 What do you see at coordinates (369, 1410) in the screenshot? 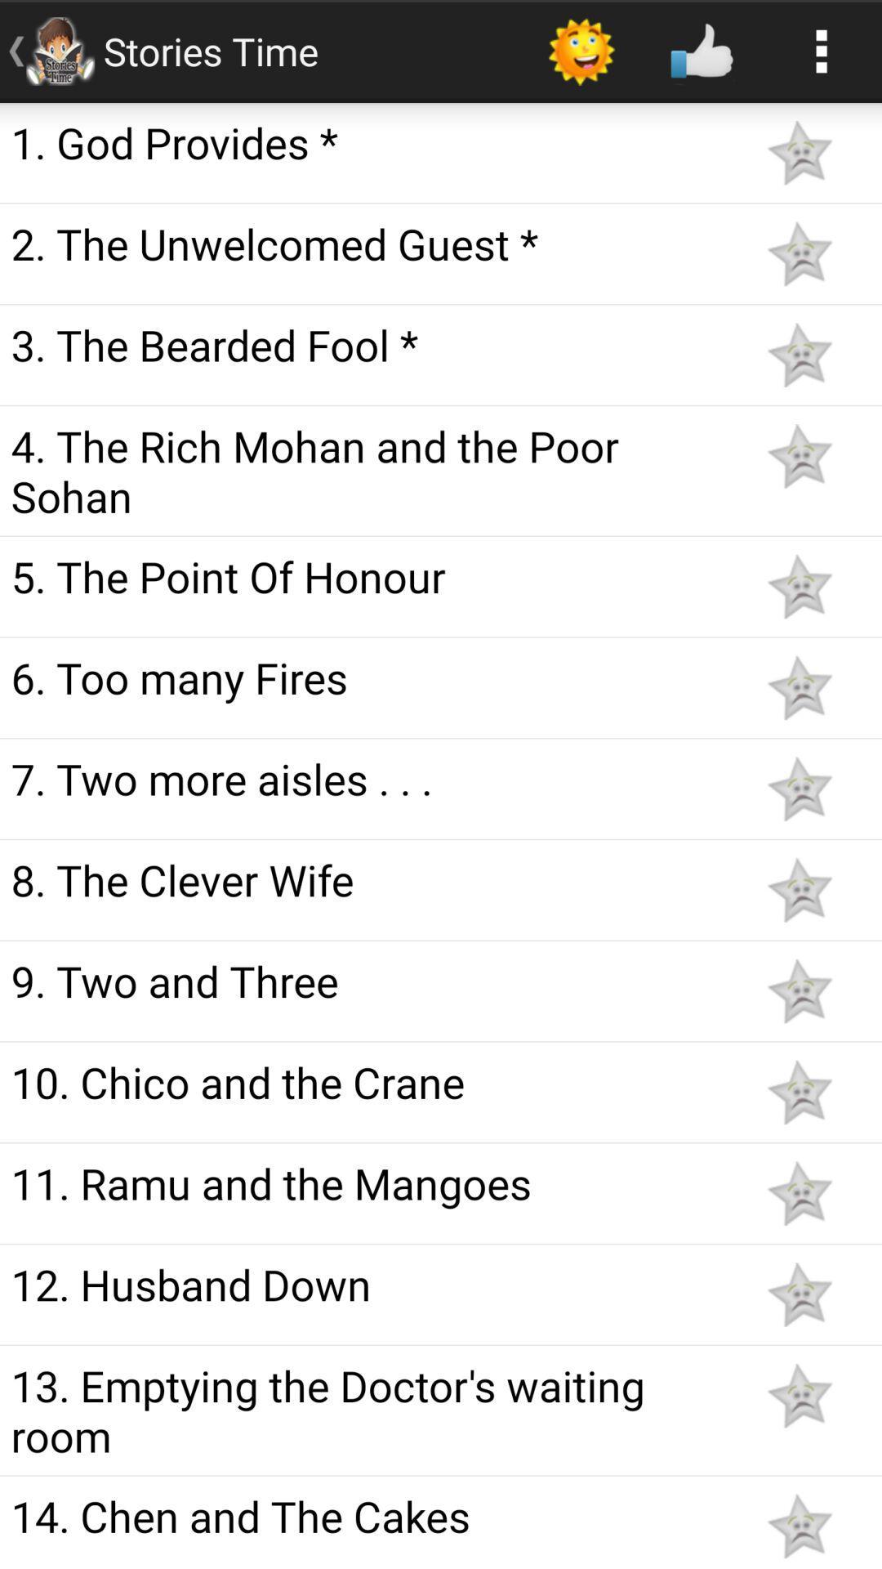
I see `the 13 emptying the item` at bounding box center [369, 1410].